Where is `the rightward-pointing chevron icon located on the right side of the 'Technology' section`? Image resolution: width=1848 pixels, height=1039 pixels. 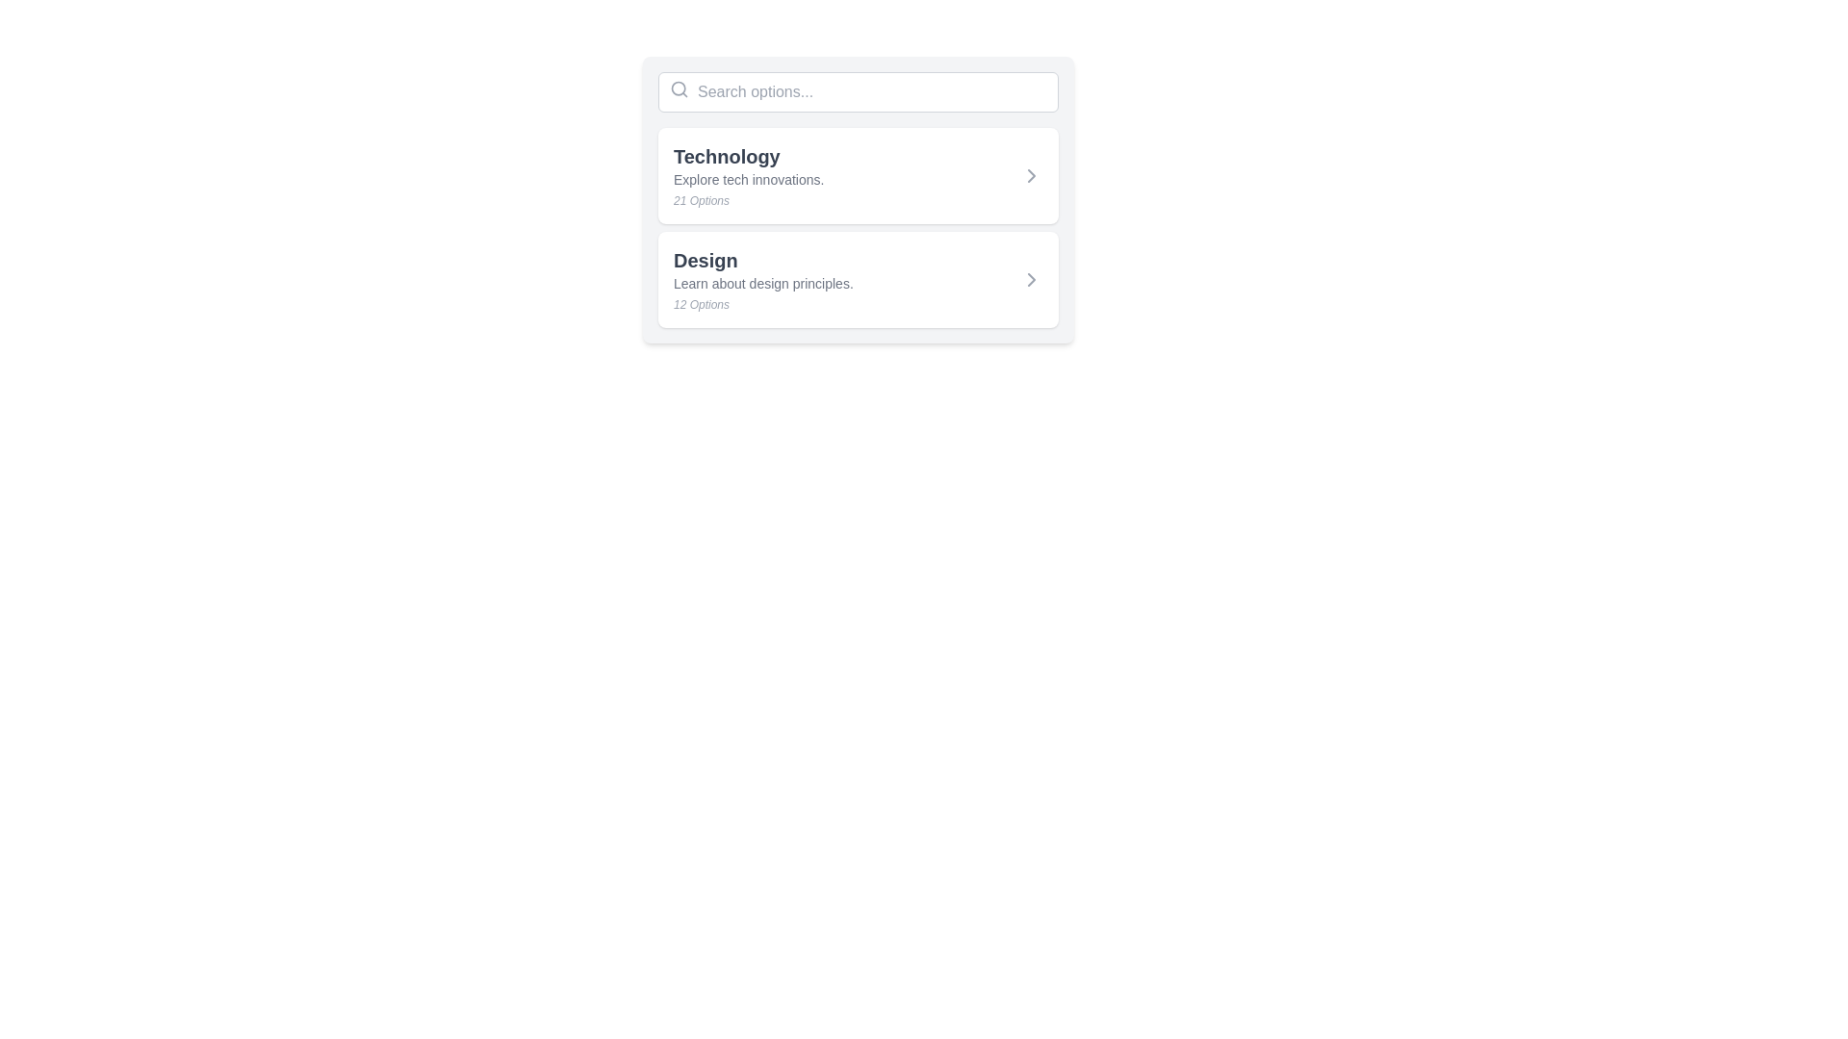 the rightward-pointing chevron icon located on the right side of the 'Technology' section is located at coordinates (1030, 175).